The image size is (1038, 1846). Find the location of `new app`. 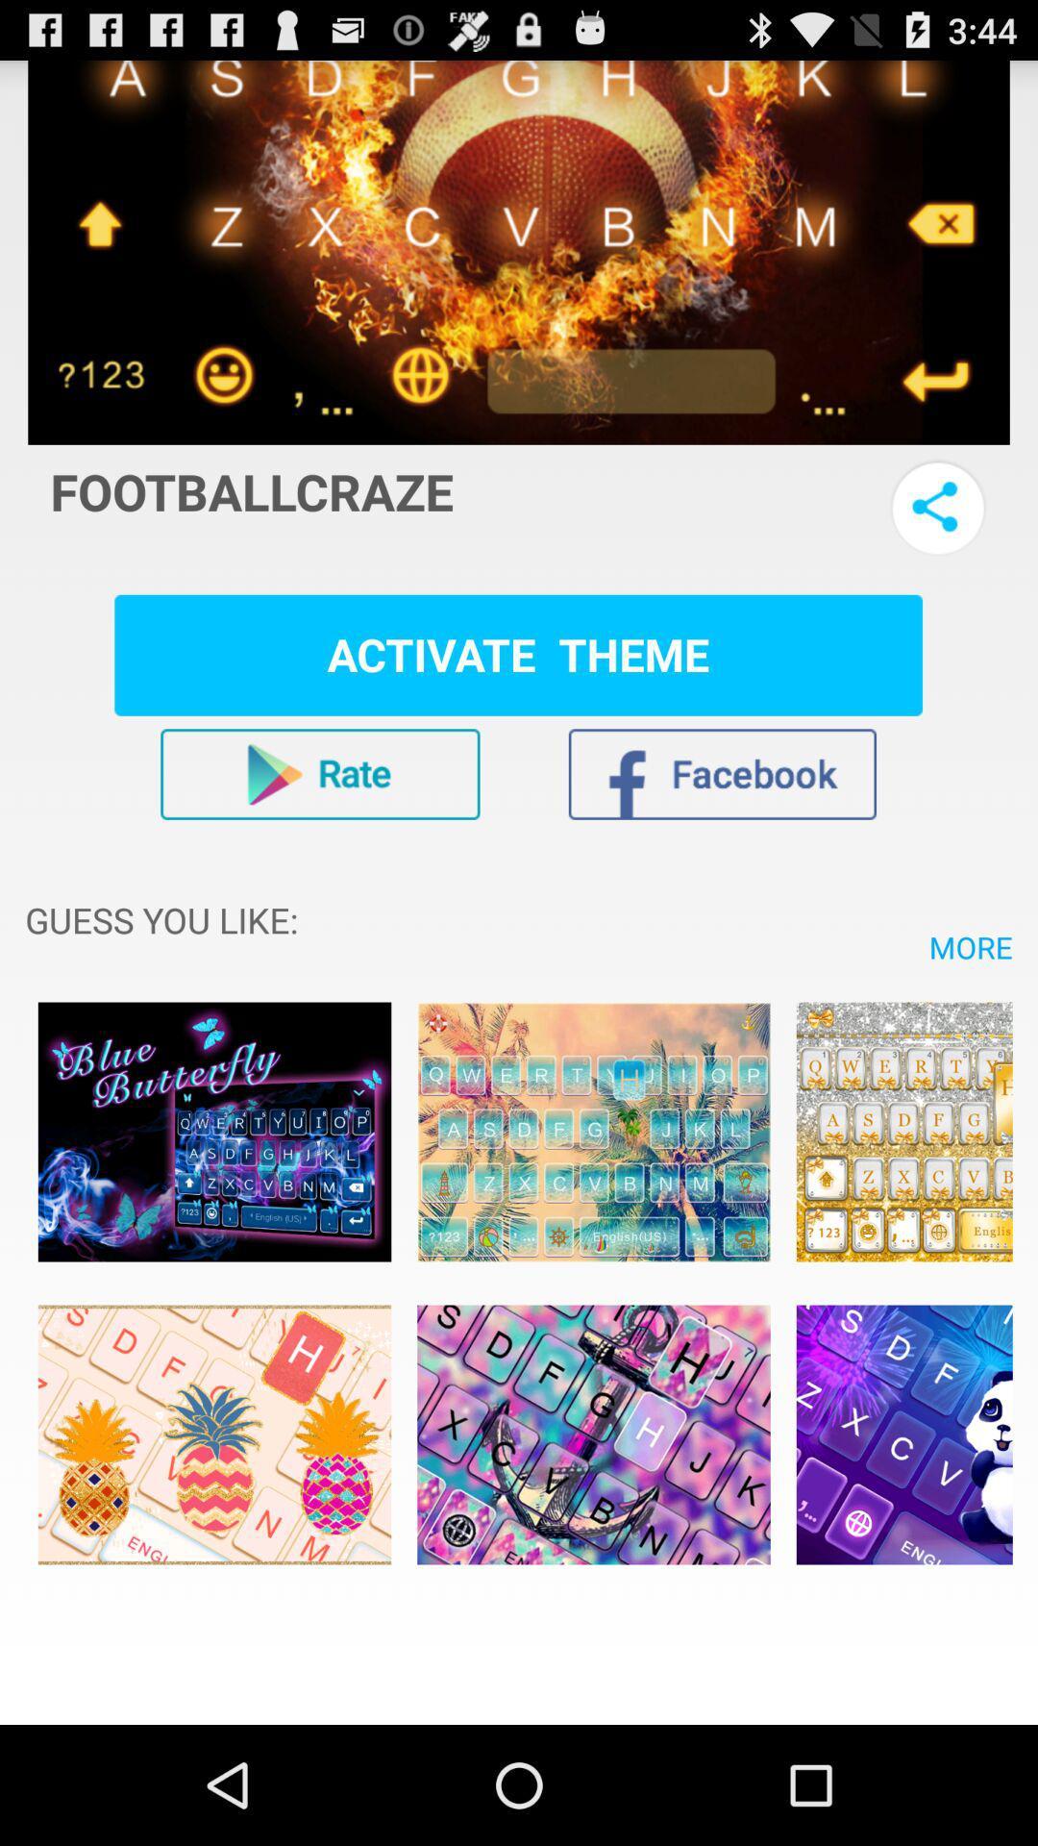

new app is located at coordinates (904, 1132).